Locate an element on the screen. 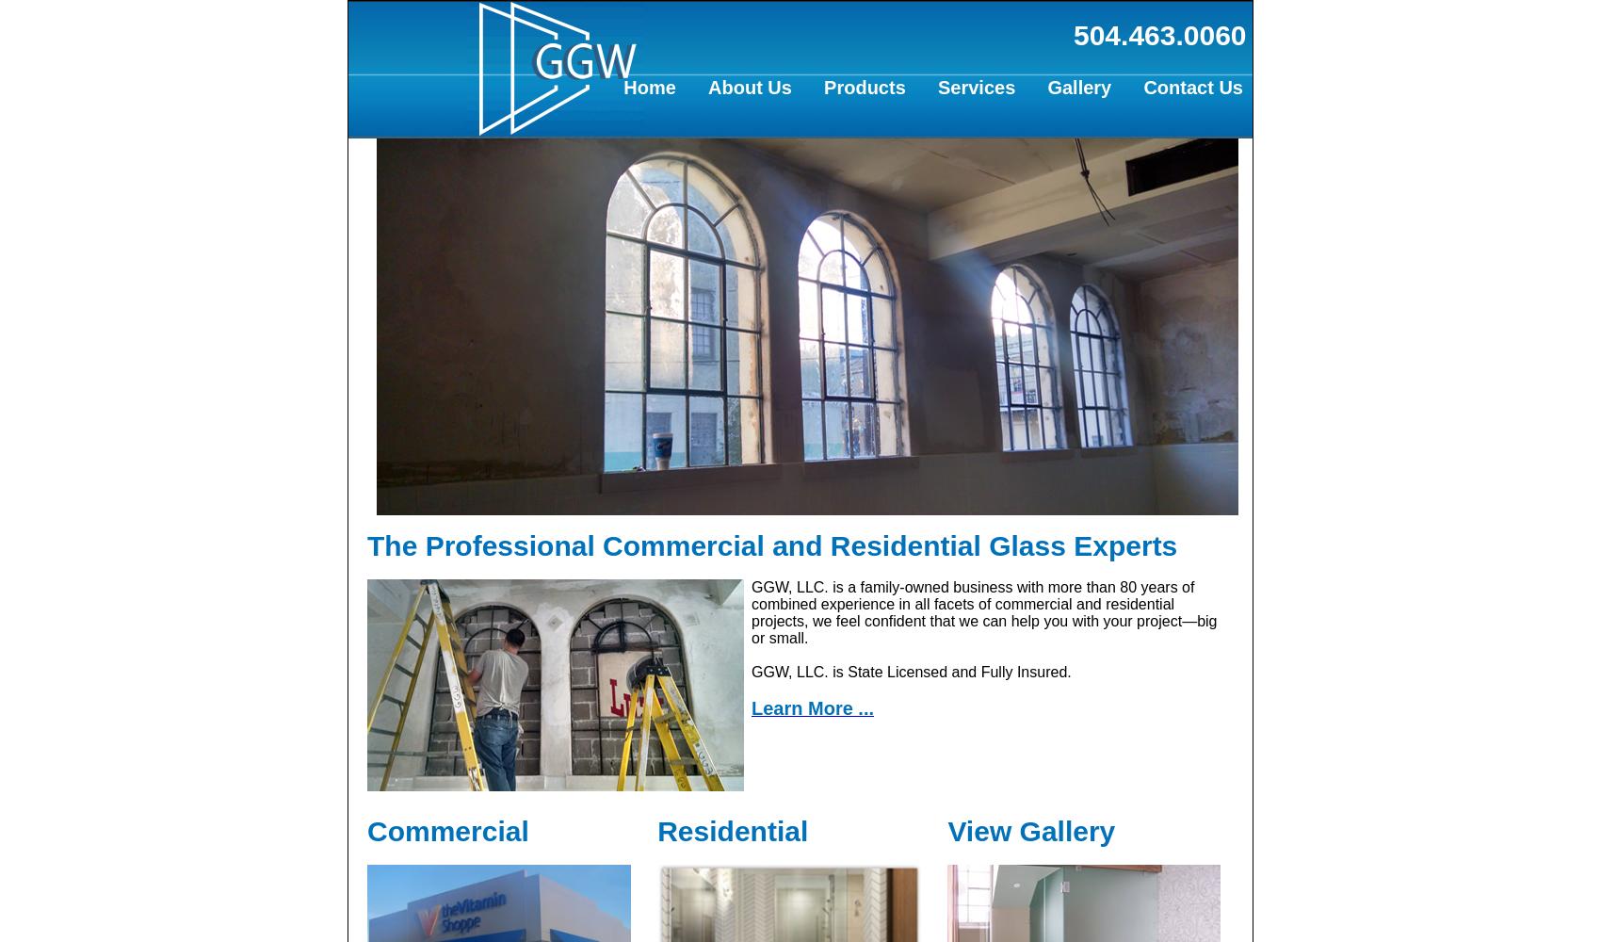 Image resolution: width=1601 pixels, height=942 pixels. 'Commercial' is located at coordinates (447, 831).